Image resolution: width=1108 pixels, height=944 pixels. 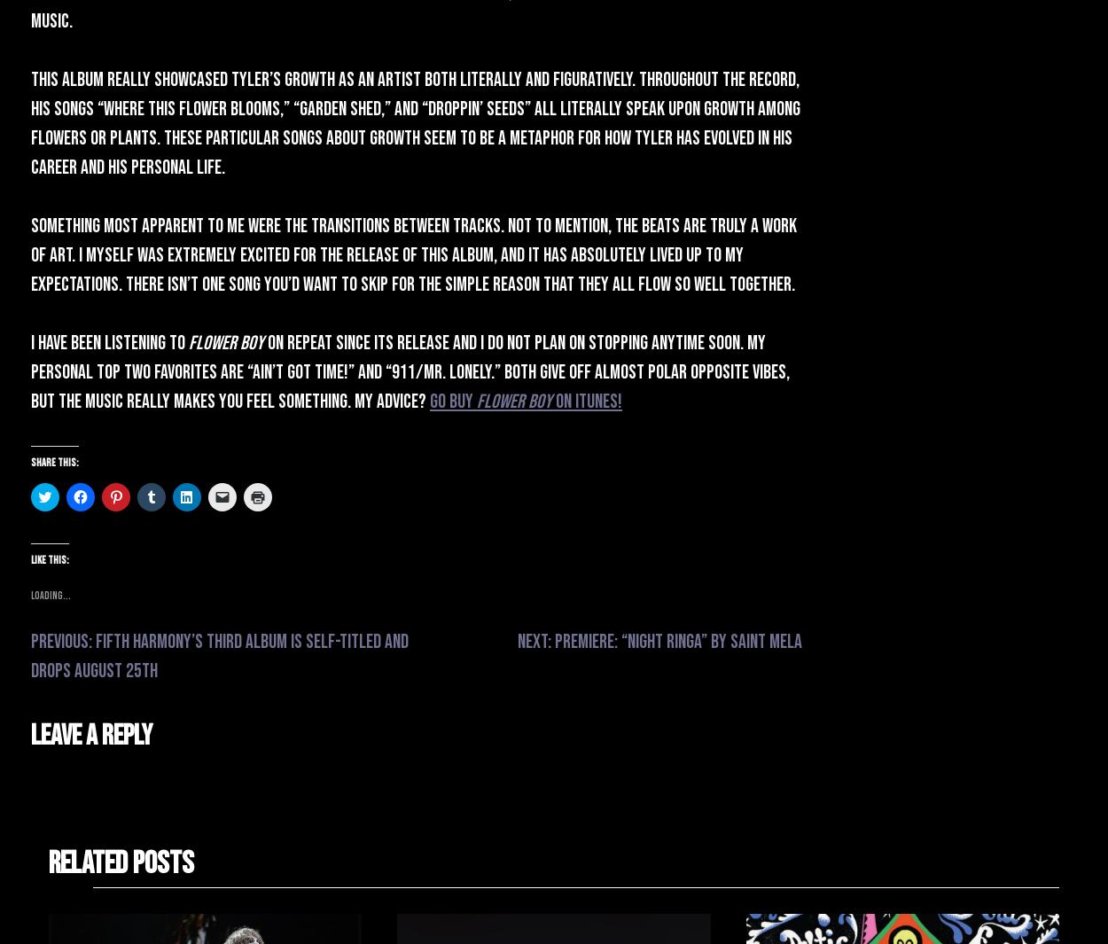 I want to click on 'Loading...', so click(x=31, y=595).